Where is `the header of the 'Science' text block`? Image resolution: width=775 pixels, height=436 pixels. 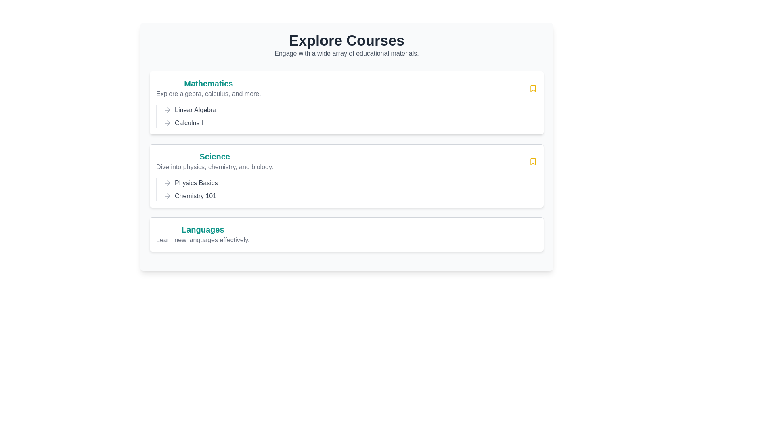
the header of the 'Science' text block is located at coordinates (215, 161).